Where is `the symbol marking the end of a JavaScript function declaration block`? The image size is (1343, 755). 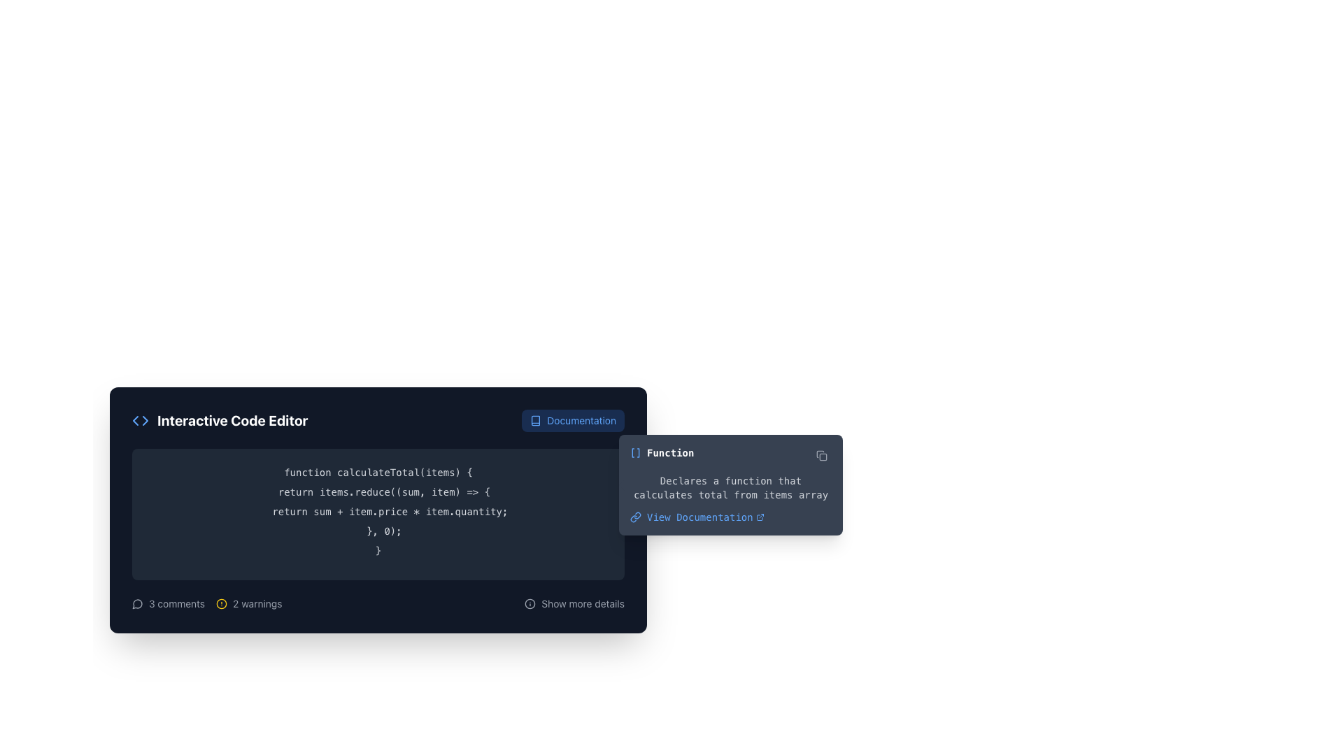
the symbol marking the end of a JavaScript function declaration block is located at coordinates (378, 549).